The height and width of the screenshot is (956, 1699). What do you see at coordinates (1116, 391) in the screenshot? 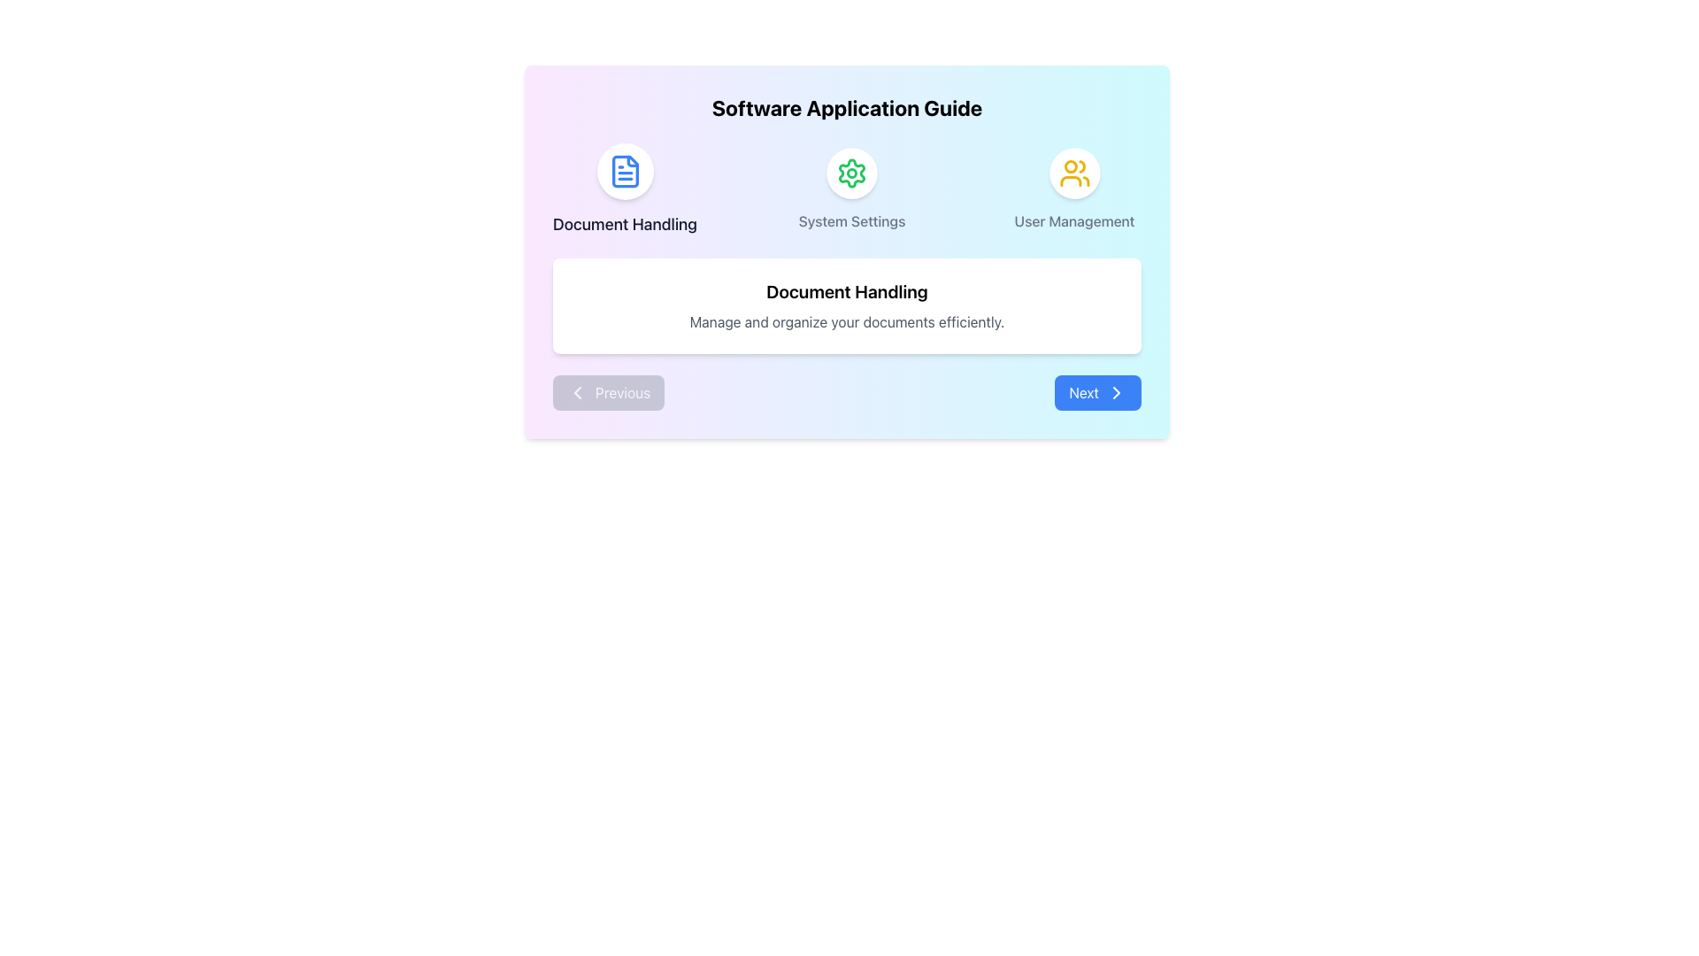
I see `the 'Next' button which contains a right-pointing arrow icon to proceed` at bounding box center [1116, 391].